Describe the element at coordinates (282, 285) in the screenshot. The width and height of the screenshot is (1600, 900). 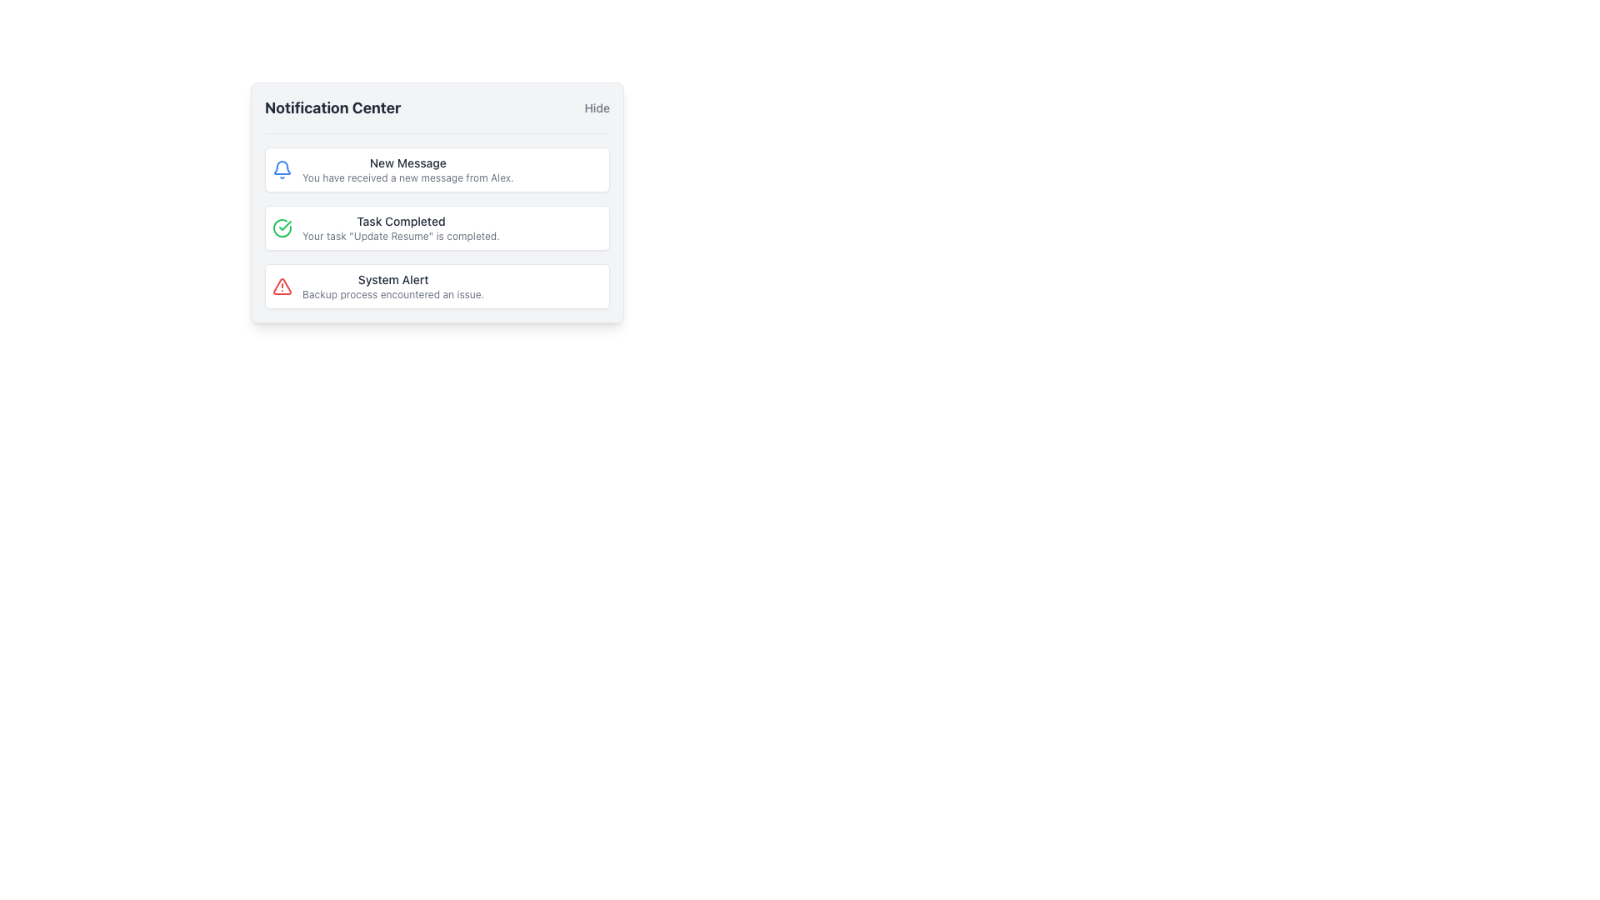
I see `the alert icon that indicates an issue or warning in the 'System Alert' notification entry, located at the leftmost side above the text content` at that location.